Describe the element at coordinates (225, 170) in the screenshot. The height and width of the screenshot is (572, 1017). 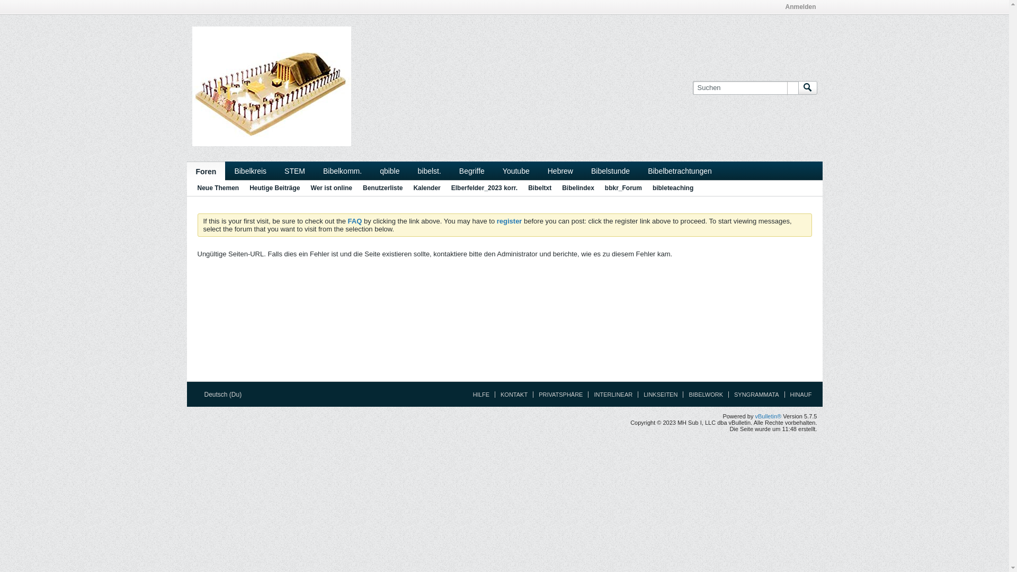
I see `'Bibelkreis'` at that location.